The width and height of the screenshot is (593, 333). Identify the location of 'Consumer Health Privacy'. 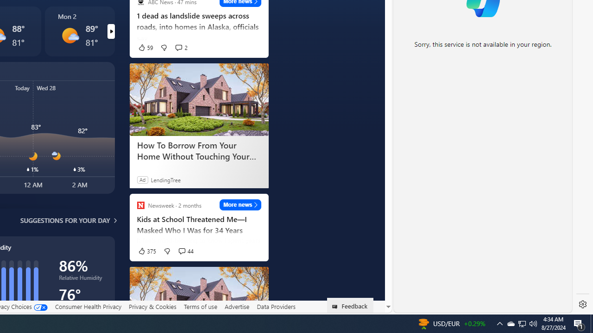
(88, 307).